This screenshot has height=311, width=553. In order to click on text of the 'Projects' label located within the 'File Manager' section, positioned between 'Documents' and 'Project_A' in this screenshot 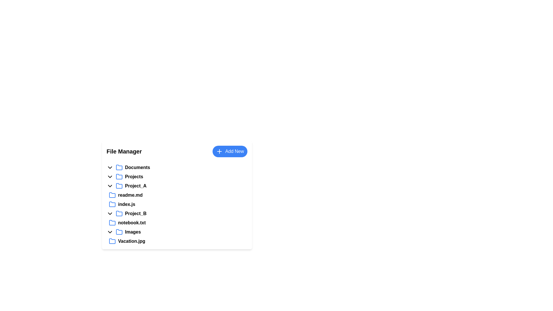, I will do `click(134, 176)`.